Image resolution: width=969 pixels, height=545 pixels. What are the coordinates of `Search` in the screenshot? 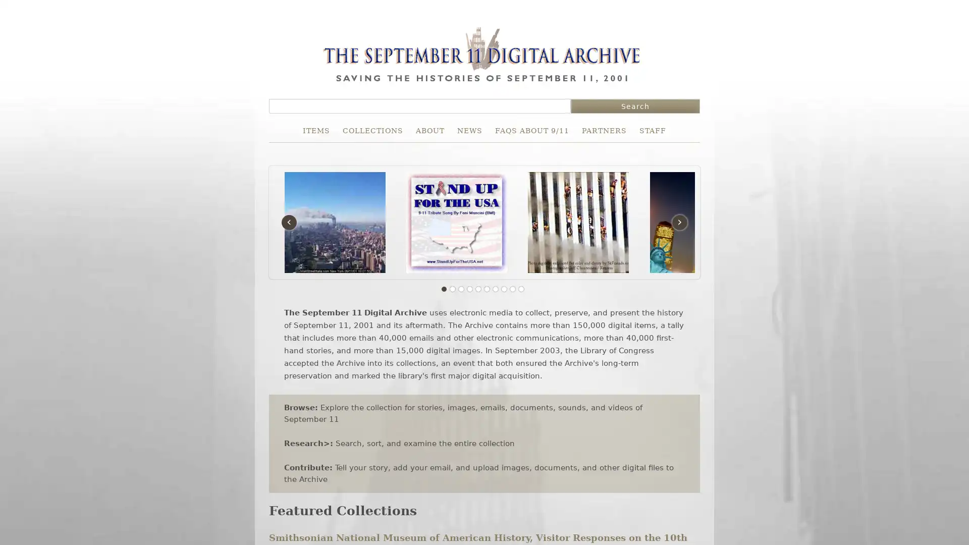 It's located at (634, 105).